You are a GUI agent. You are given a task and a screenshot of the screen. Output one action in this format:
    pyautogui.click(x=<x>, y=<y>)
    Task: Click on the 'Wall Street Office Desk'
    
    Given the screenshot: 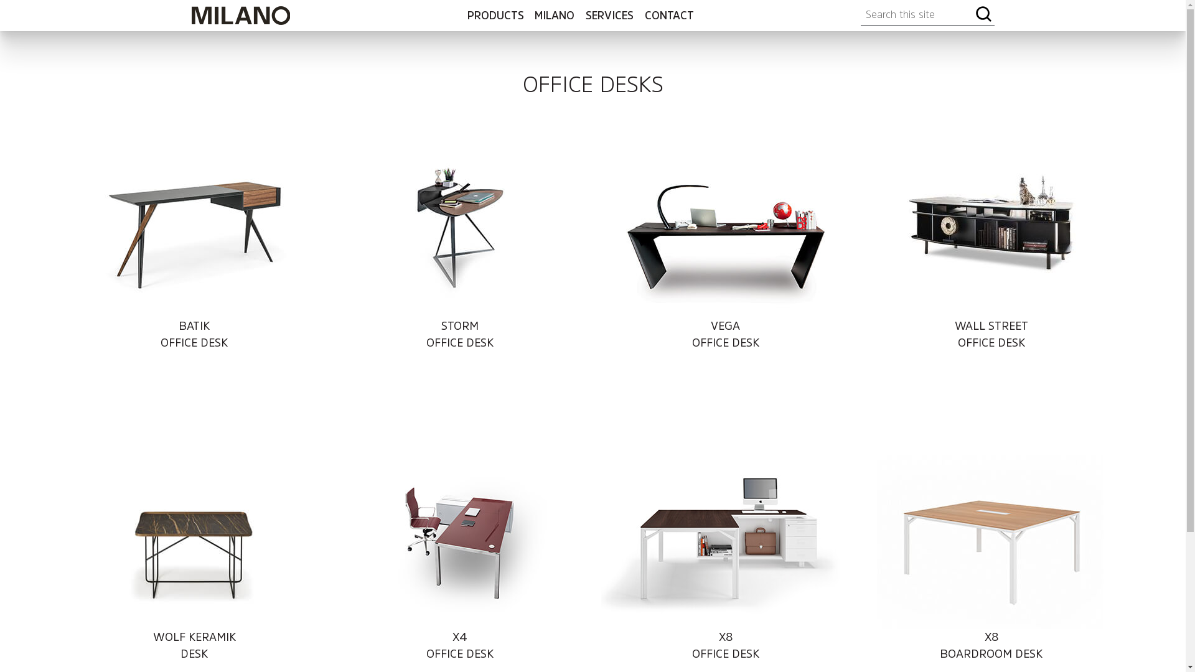 What is the action you would take?
    pyautogui.click(x=991, y=230)
    